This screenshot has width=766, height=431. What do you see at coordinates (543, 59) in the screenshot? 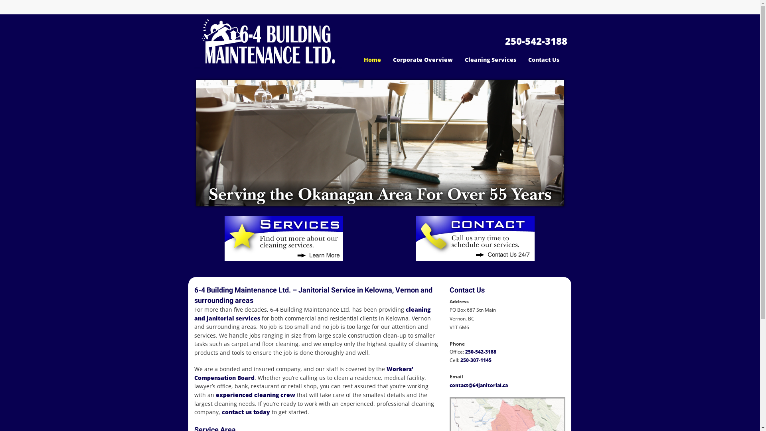
I see `'Contact Us'` at bounding box center [543, 59].